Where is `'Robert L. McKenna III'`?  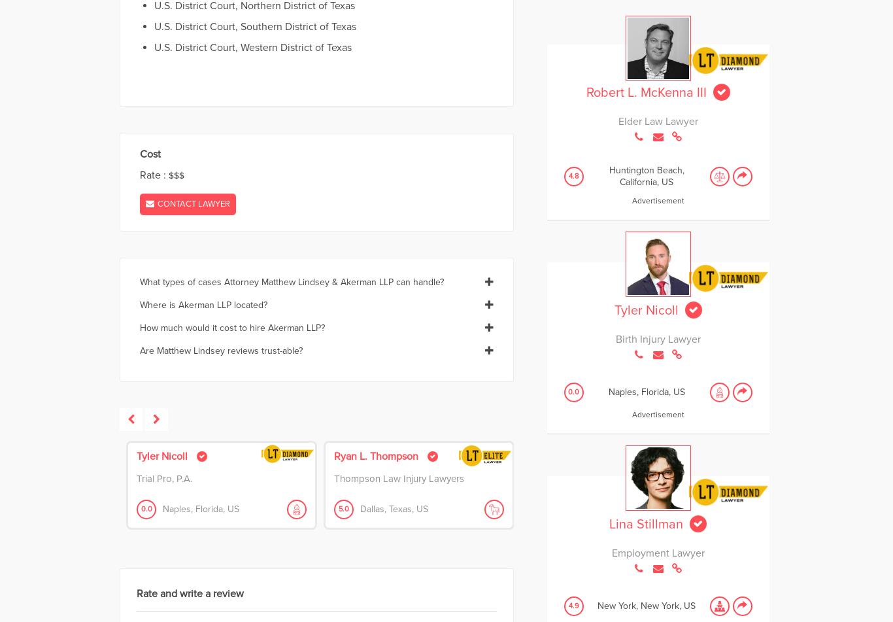
'Robert L. McKenna III' is located at coordinates (584, 92).